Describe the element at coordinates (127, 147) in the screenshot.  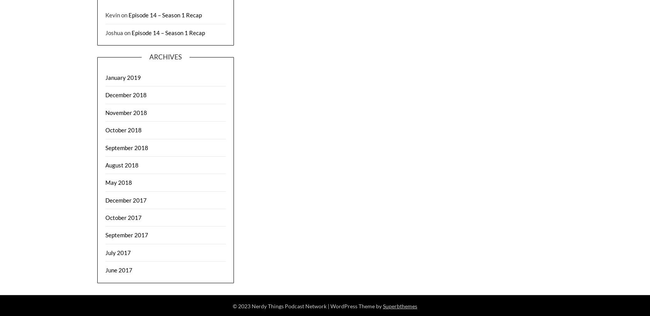
I see `'September 2018'` at that location.